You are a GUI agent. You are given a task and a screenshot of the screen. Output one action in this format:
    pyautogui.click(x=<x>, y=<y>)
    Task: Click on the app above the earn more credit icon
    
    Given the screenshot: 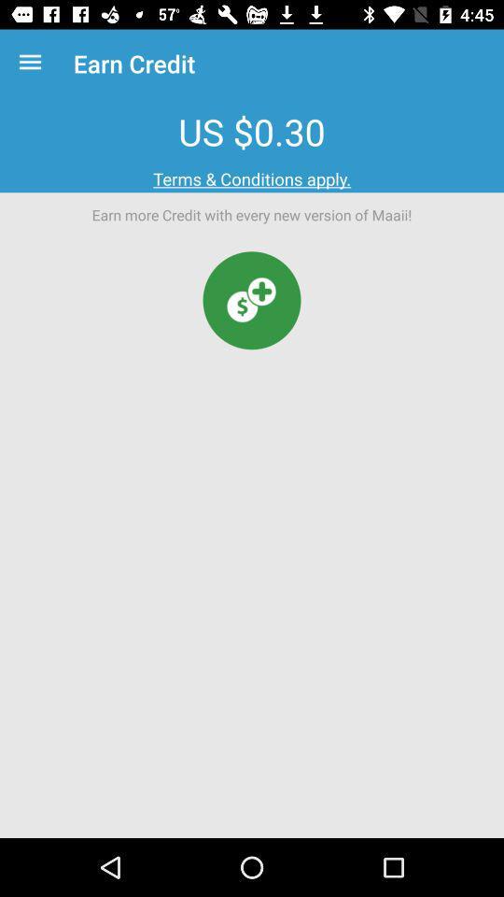 What is the action you would take?
    pyautogui.click(x=252, y=178)
    